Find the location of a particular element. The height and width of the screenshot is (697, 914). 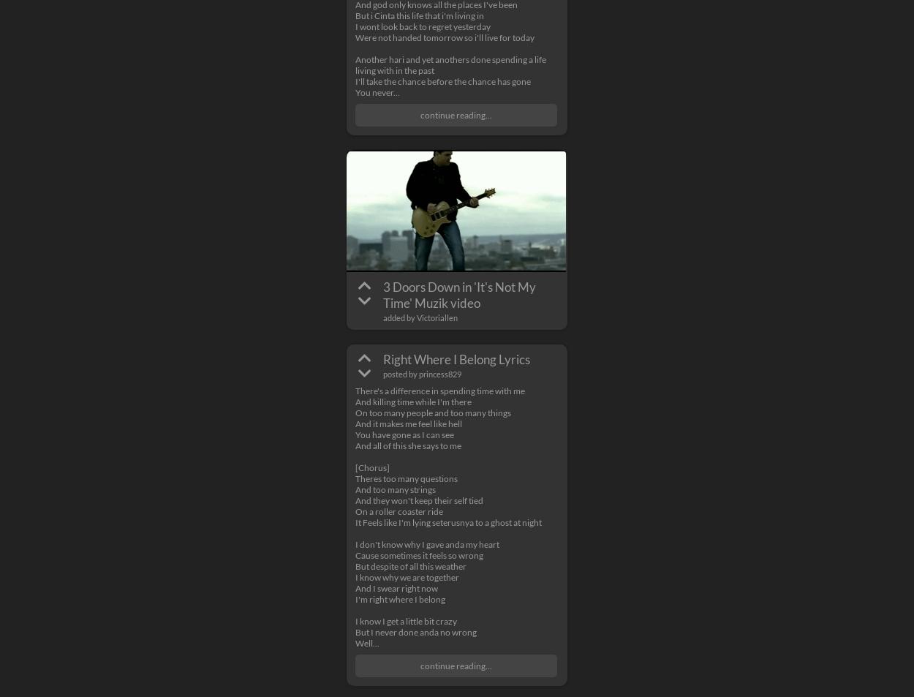

'And too many strings' is located at coordinates (396, 489).